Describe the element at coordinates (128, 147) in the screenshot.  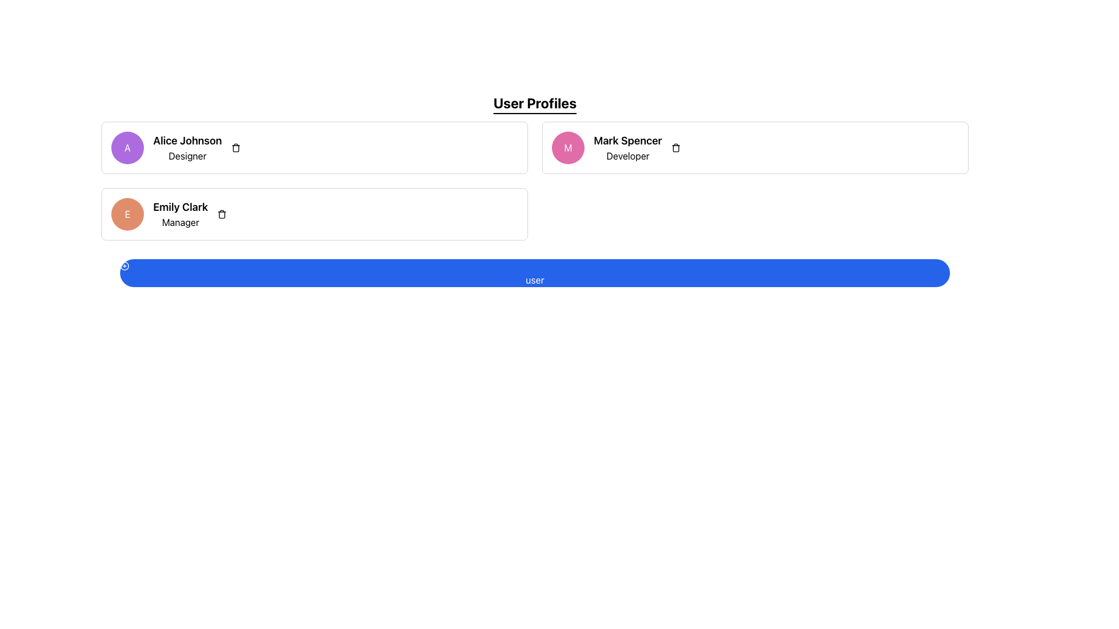
I see `the Avatar element, which is a circular icon with a purple background and a white letter 'A' centered within it, located at the top-left corner of Alice Johnson's user profile section` at that location.